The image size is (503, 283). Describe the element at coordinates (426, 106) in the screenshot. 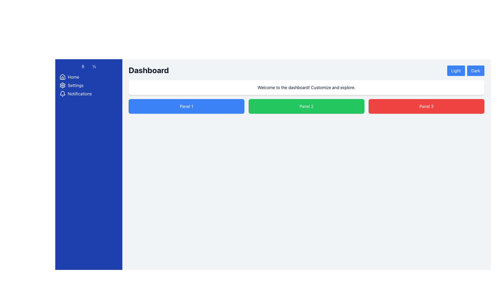

I see `the rectangular panel with a red background and white text reading 'Panel 3' to interact with it` at that location.